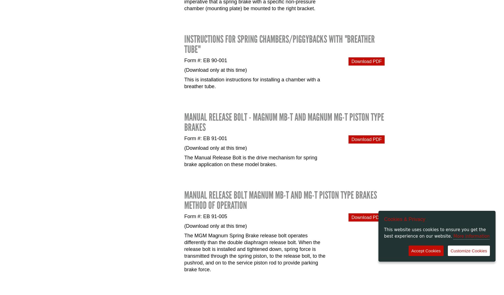 The height and width of the screenshot is (295, 504). What do you see at coordinates (255, 252) in the screenshot?
I see `'The MGM Magnum Spring Brake release bolt operates differently than the double diaphragm release bolt. When the release bolt is installed and tightened down, spring force is transmitted through the spring piston, to the release bolt, to the pushrod, and on to the service piston rod to provide parking brake force.'` at bounding box center [255, 252].